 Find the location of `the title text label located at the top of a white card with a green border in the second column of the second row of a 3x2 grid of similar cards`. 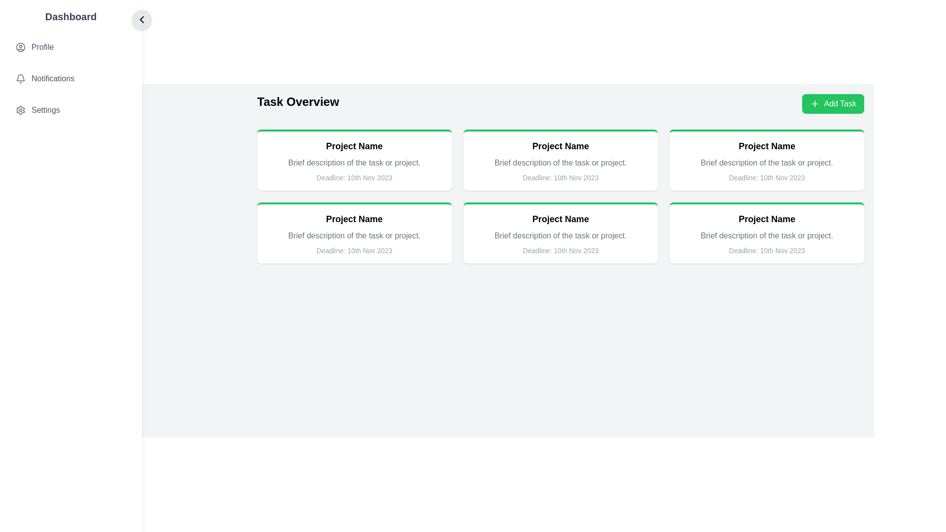

the title text label located at the top of a white card with a green border in the second column of the second row of a 3x2 grid of similar cards is located at coordinates (560, 218).